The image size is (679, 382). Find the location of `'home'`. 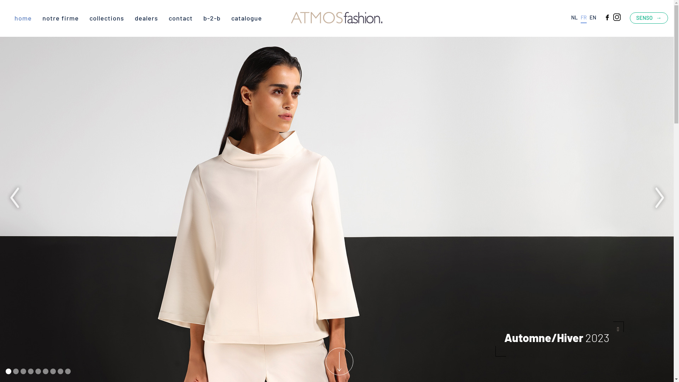

'home' is located at coordinates (14, 17).